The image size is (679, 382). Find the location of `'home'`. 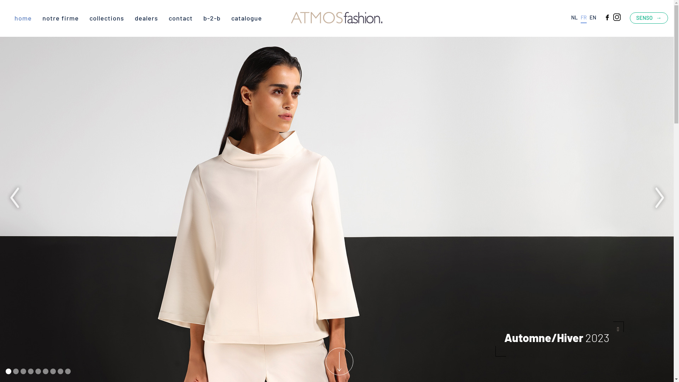

'home' is located at coordinates (14, 17).